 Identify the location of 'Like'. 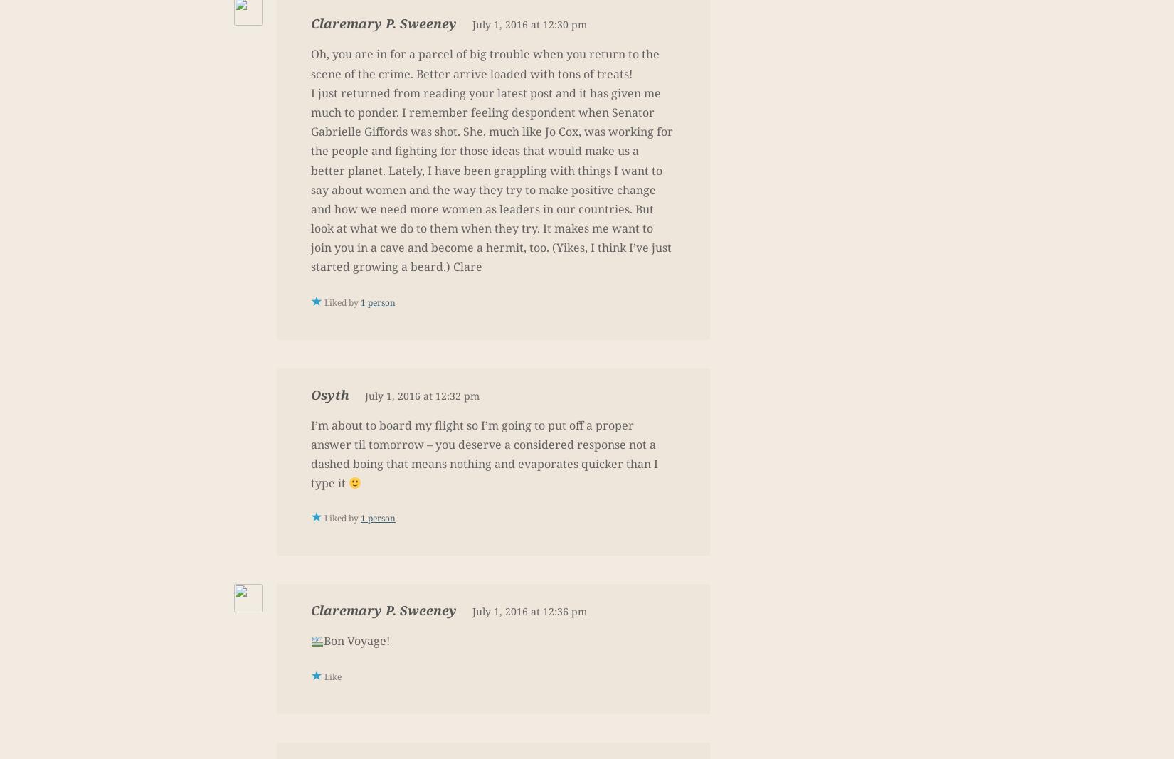
(332, 676).